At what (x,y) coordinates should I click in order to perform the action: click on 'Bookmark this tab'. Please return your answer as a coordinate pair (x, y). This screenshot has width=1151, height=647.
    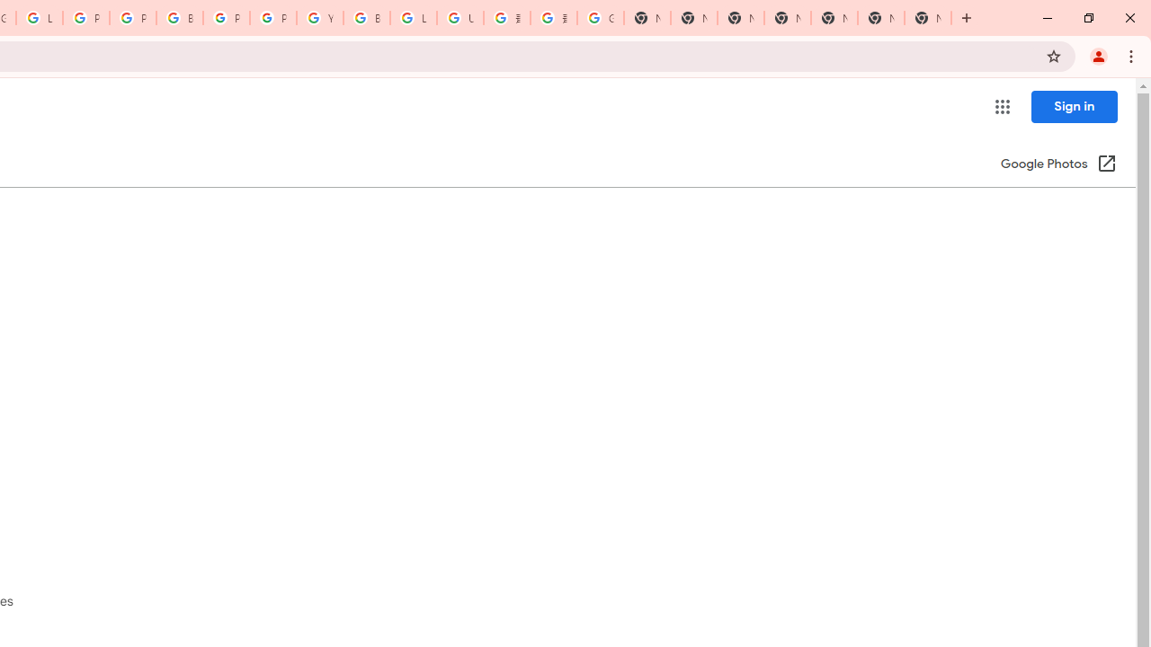
    Looking at the image, I should click on (1053, 55).